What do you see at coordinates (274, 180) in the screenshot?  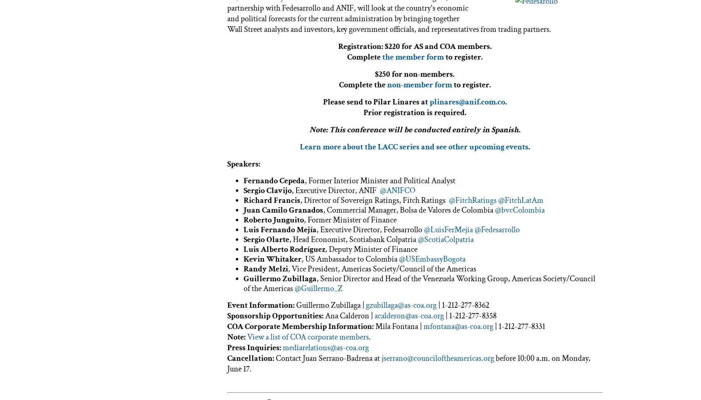 I see `'Fernando Cepeda'` at bounding box center [274, 180].